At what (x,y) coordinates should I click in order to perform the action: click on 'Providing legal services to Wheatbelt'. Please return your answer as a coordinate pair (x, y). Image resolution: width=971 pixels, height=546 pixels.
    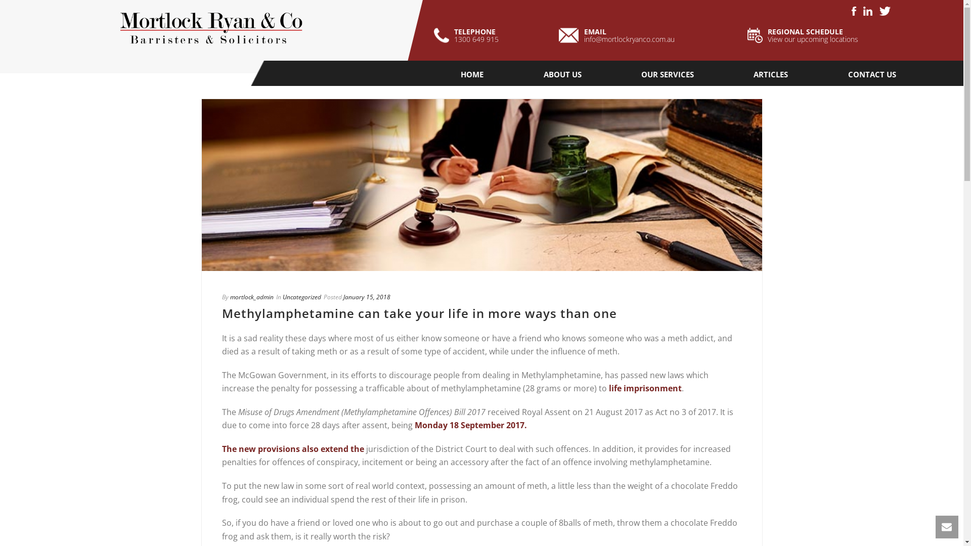
    Looking at the image, I should click on (210, 29).